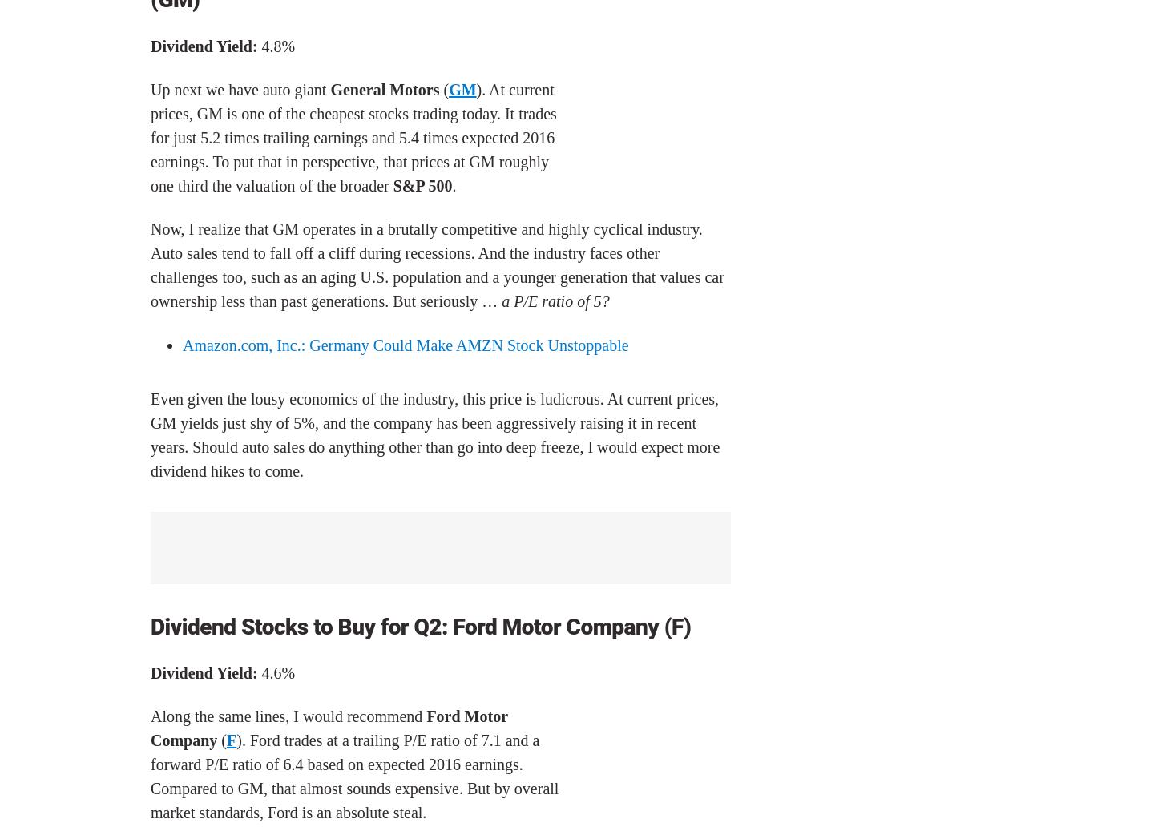  What do you see at coordinates (462, 89) in the screenshot?
I see `'GM'` at bounding box center [462, 89].